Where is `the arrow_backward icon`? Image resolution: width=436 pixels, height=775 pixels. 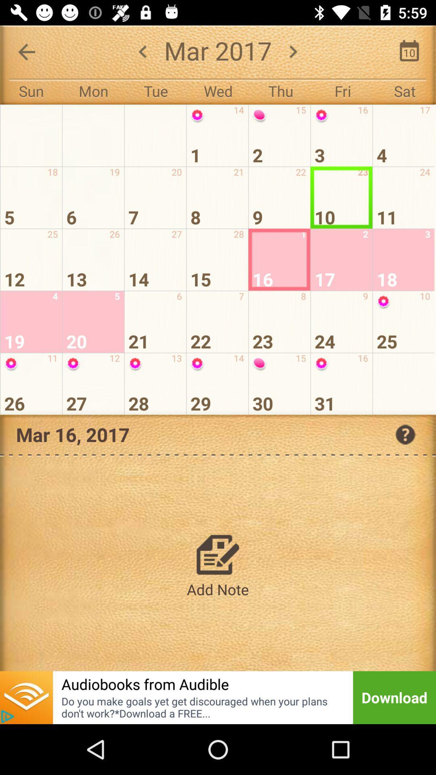 the arrow_backward icon is located at coordinates (143, 51).